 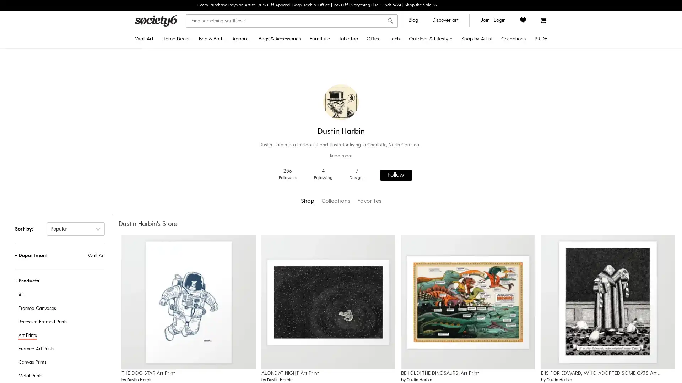 What do you see at coordinates (440, 194) in the screenshot?
I see `Folding Stools` at bounding box center [440, 194].